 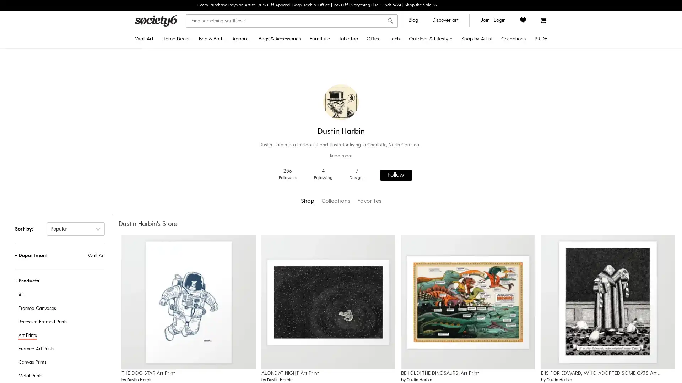 What do you see at coordinates (440, 194) in the screenshot?
I see `Folding Stools` at bounding box center [440, 194].